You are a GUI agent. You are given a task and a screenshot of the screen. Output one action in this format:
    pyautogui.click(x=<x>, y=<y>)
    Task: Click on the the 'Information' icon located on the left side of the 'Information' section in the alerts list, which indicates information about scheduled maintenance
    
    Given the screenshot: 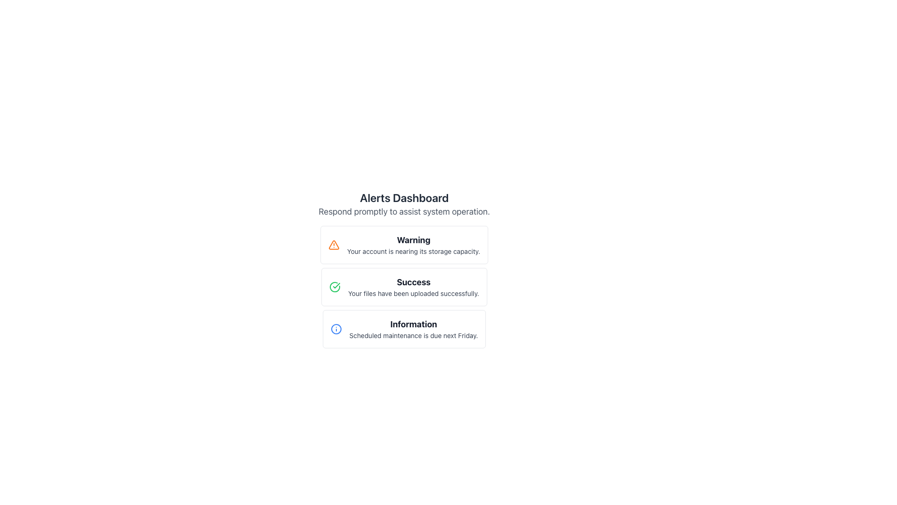 What is the action you would take?
    pyautogui.click(x=336, y=329)
    